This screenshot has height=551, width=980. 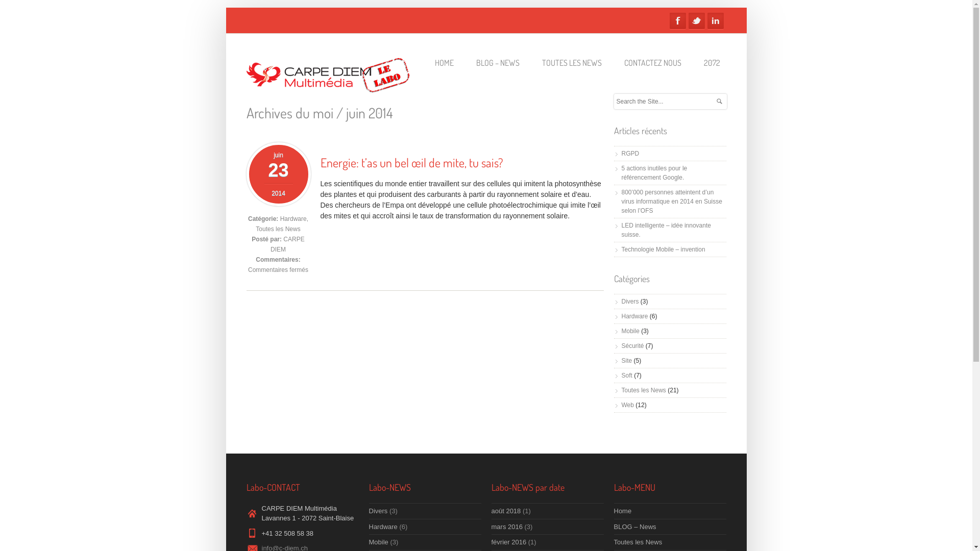 I want to click on 'RGPD', so click(x=630, y=153).